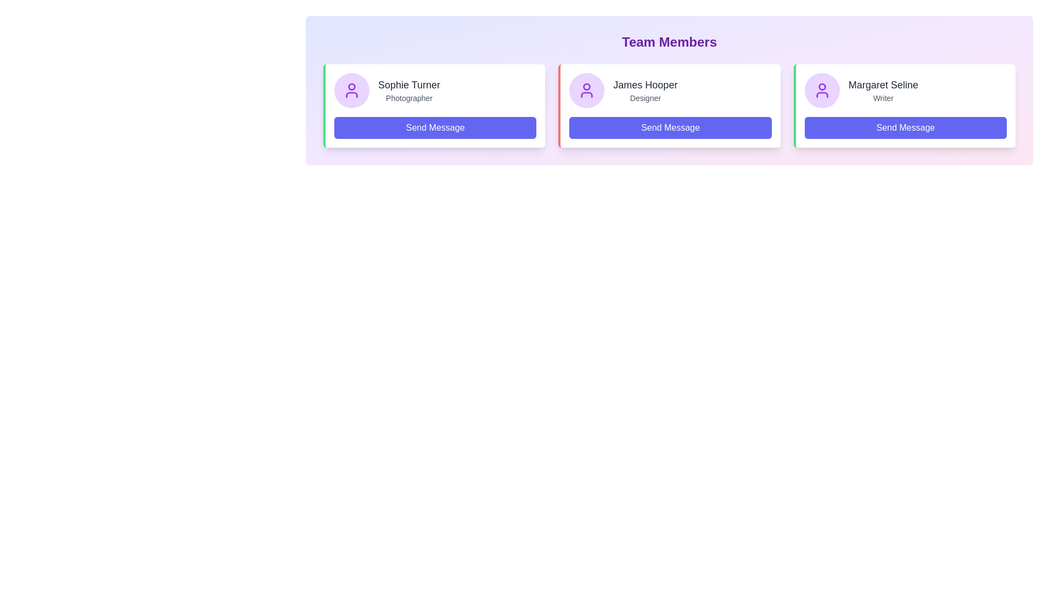 The height and width of the screenshot is (593, 1054). Describe the element at coordinates (586, 90) in the screenshot. I see `the profile picture placeholder icon for 'James Hooper' located in the 'Team Members' section, specifically the second card in a horizontal layout of three cards` at that location.